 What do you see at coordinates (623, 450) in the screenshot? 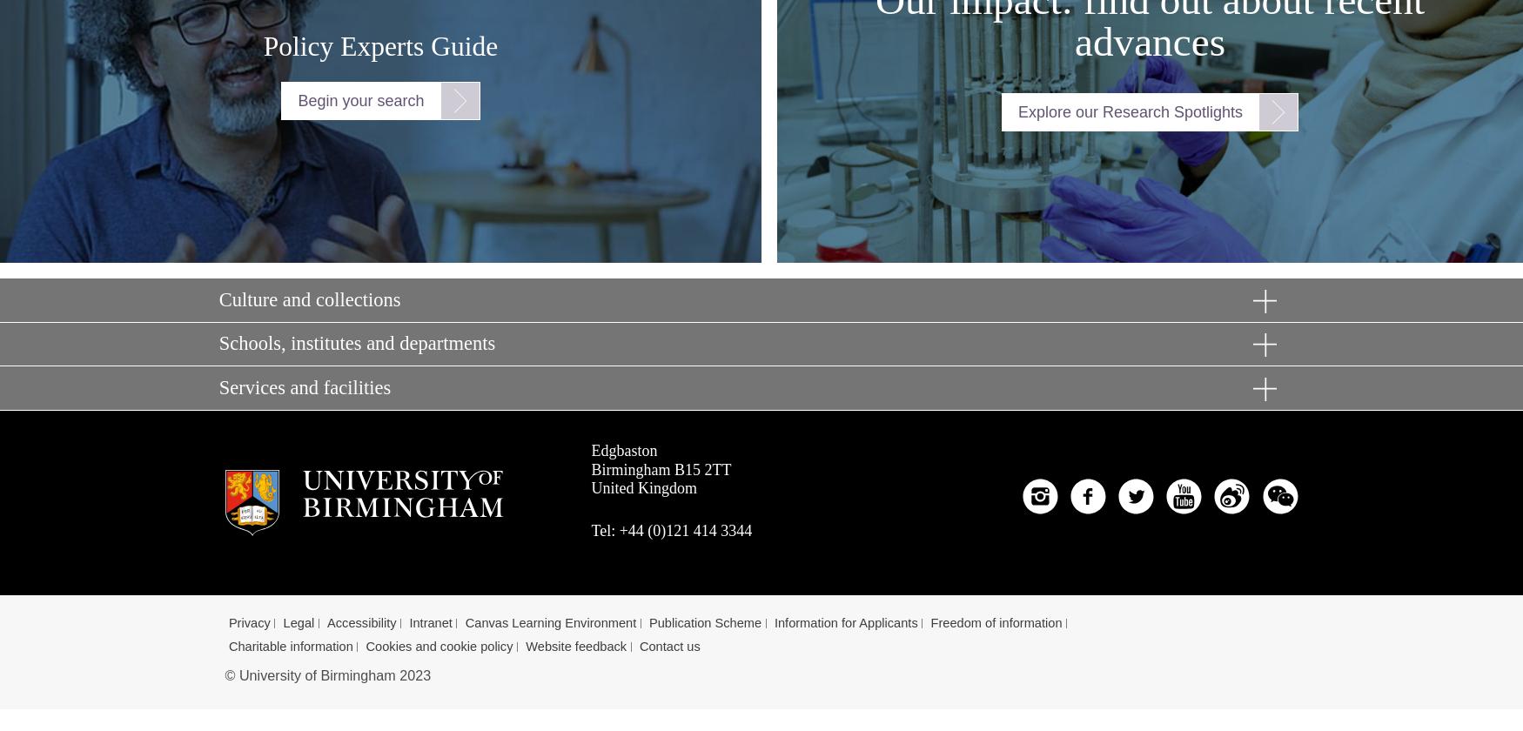
I see `'Edgbaston'` at bounding box center [623, 450].